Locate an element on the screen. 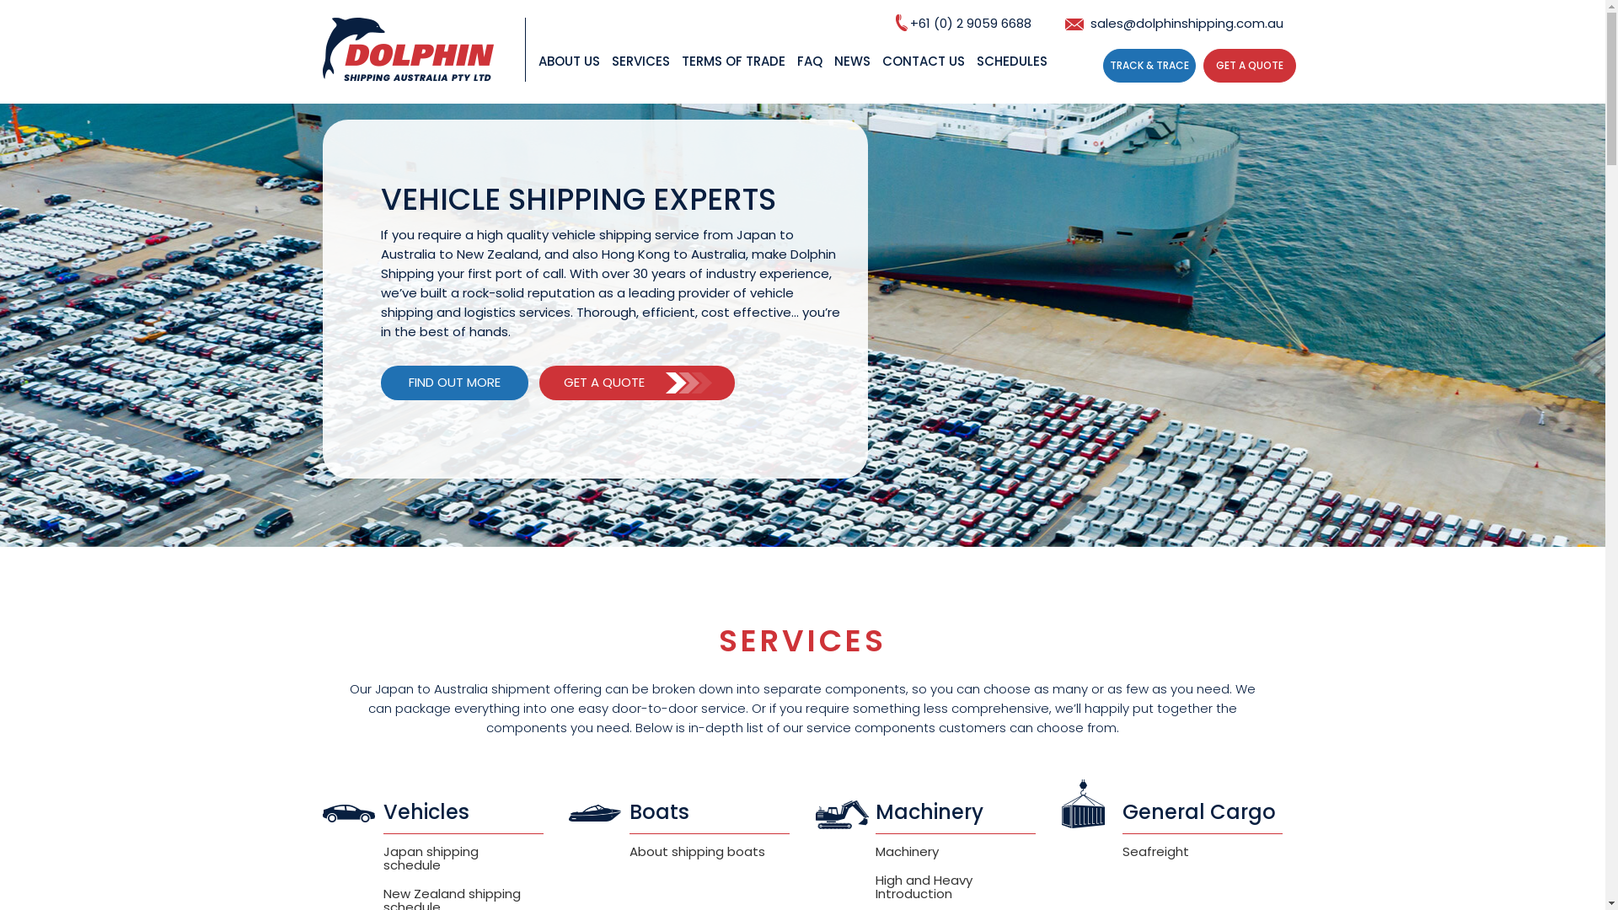 The image size is (1618, 910). 'TERMS OF TRADE' is located at coordinates (732, 76).